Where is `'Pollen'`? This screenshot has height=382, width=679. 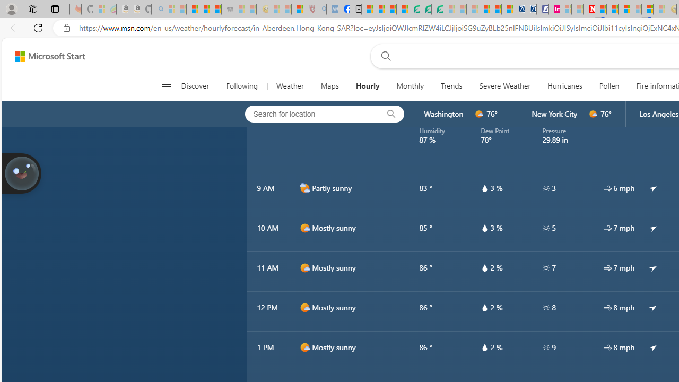 'Pollen' is located at coordinates (609, 86).